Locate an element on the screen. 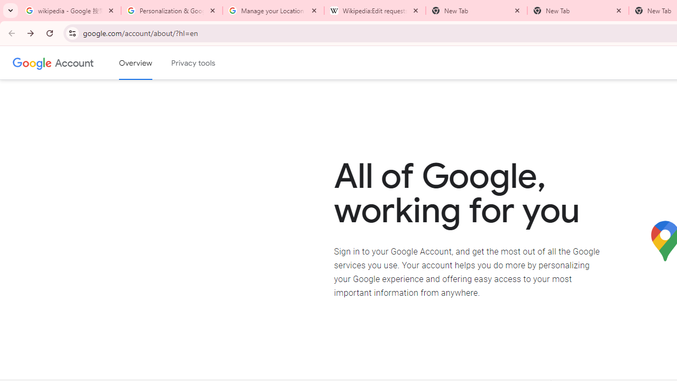 Image resolution: width=677 pixels, height=381 pixels. 'Manage your Location History - Google Search Help' is located at coordinates (273, 11).